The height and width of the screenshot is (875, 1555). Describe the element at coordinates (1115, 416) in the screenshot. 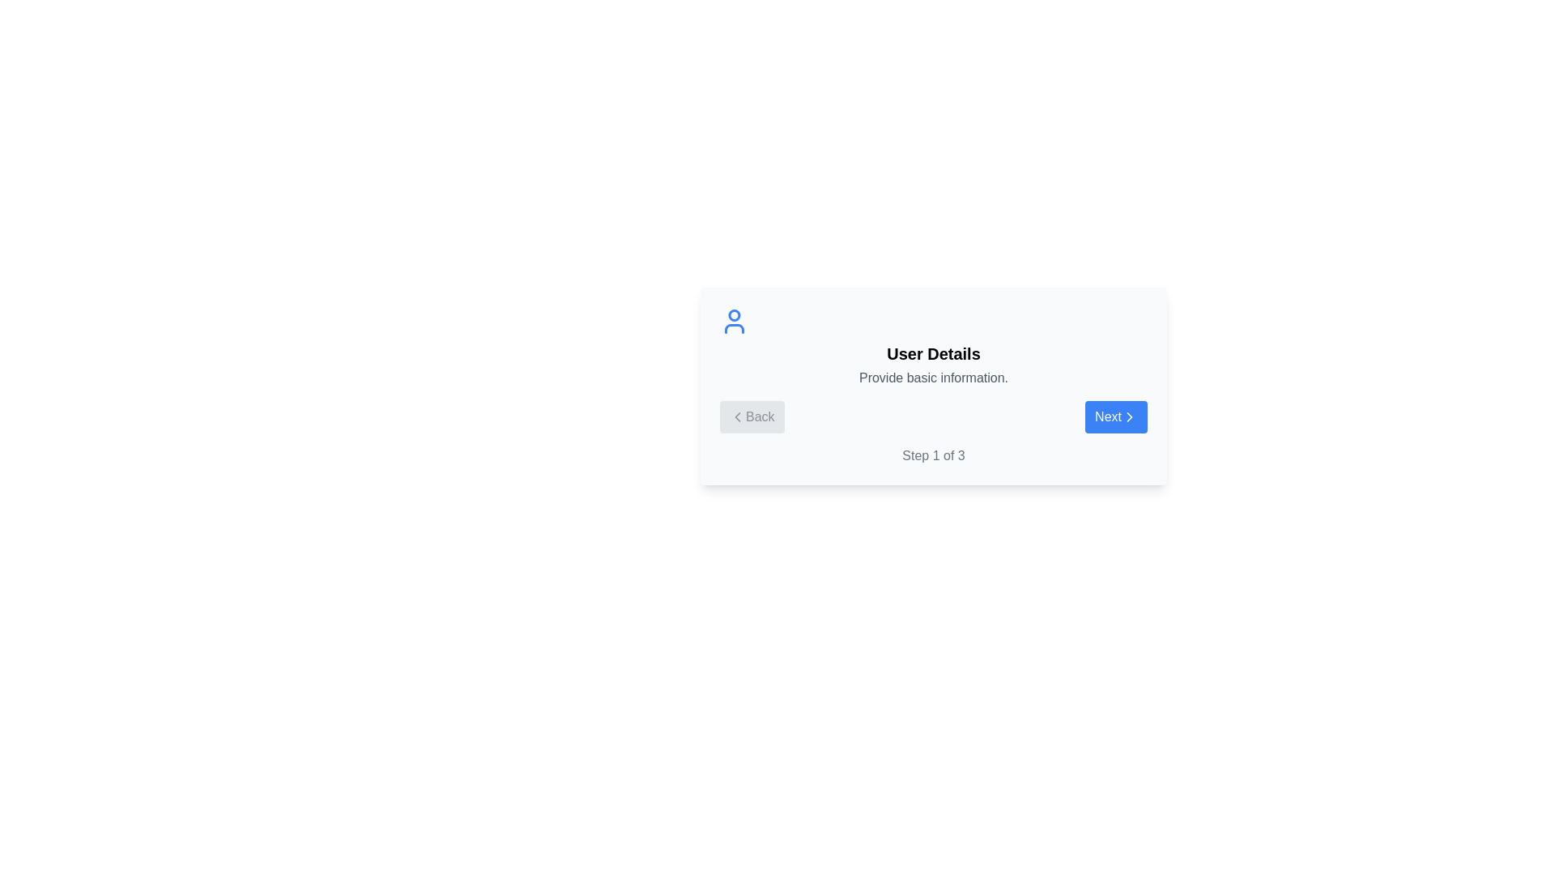

I see `the Next button to navigate the stepper` at that location.